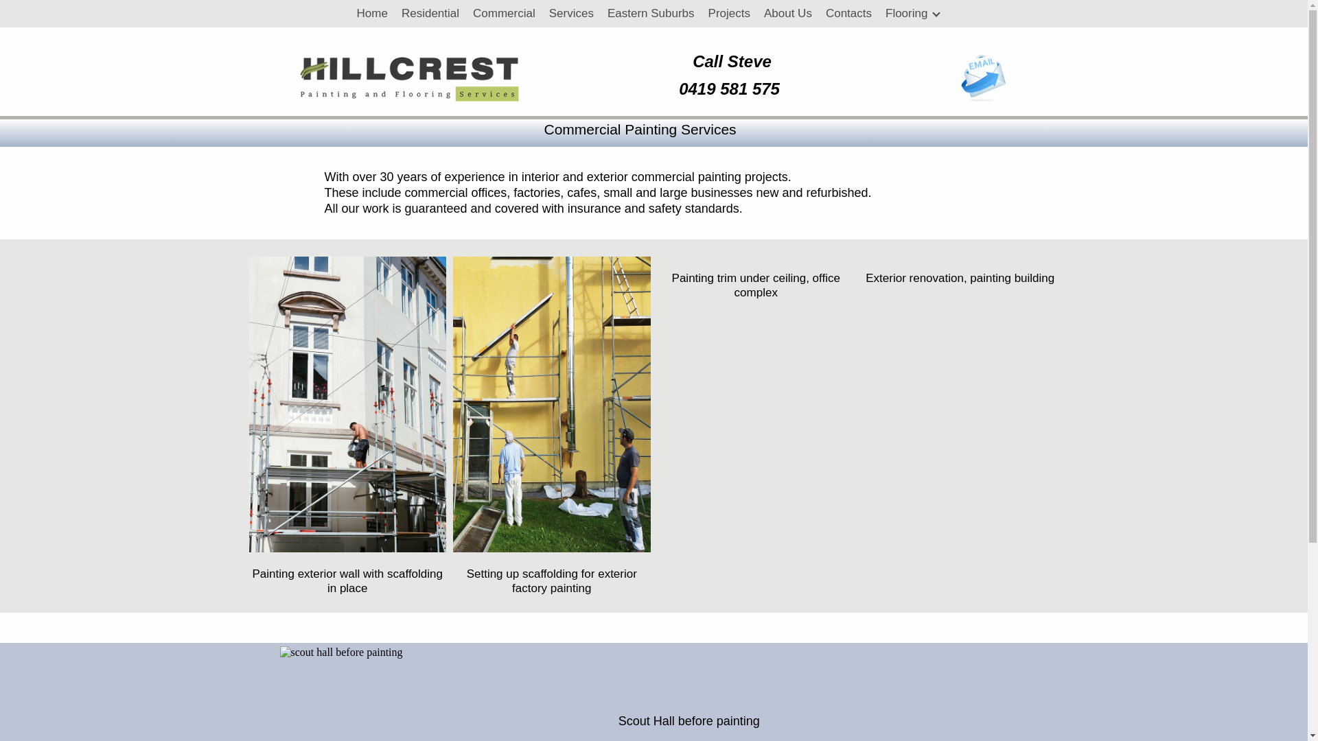  Describe the element at coordinates (600, 13) in the screenshot. I see `'Eastern Suburbs'` at that location.